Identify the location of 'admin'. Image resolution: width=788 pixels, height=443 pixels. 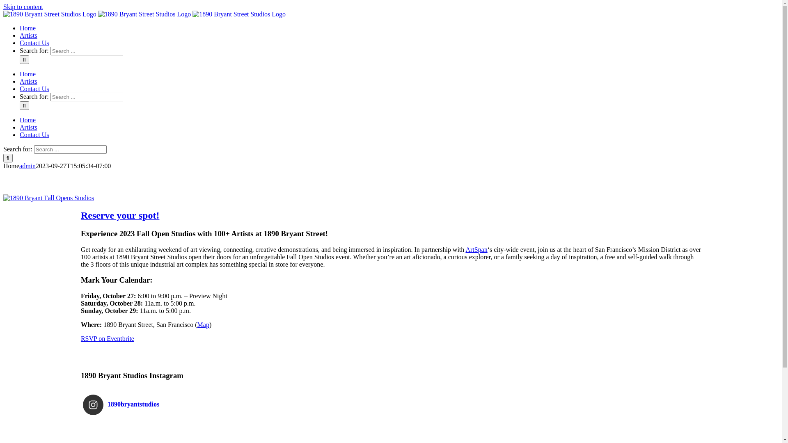
(19, 166).